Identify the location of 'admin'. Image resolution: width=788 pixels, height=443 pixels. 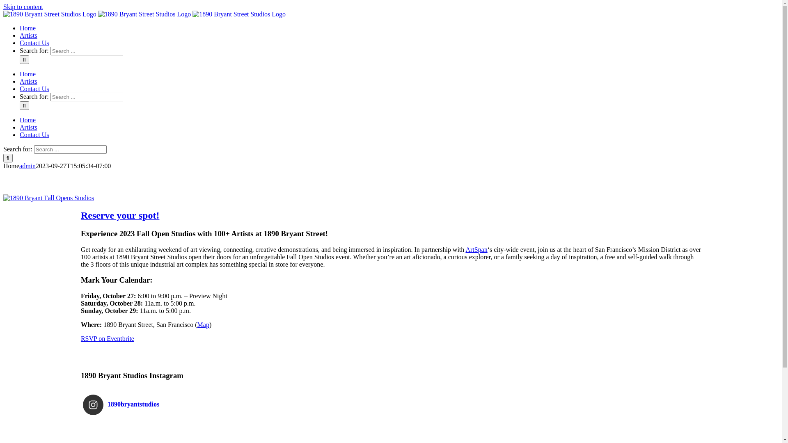
(19, 166).